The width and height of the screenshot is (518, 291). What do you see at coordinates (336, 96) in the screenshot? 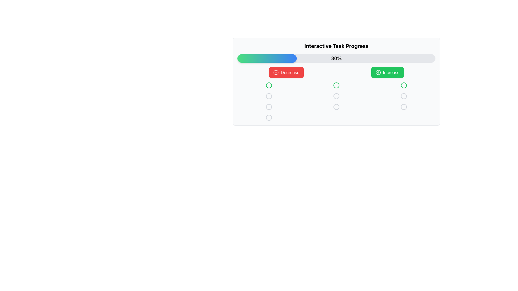
I see `the gray outlined circular icon located in the middle column of the second row of the grid` at bounding box center [336, 96].